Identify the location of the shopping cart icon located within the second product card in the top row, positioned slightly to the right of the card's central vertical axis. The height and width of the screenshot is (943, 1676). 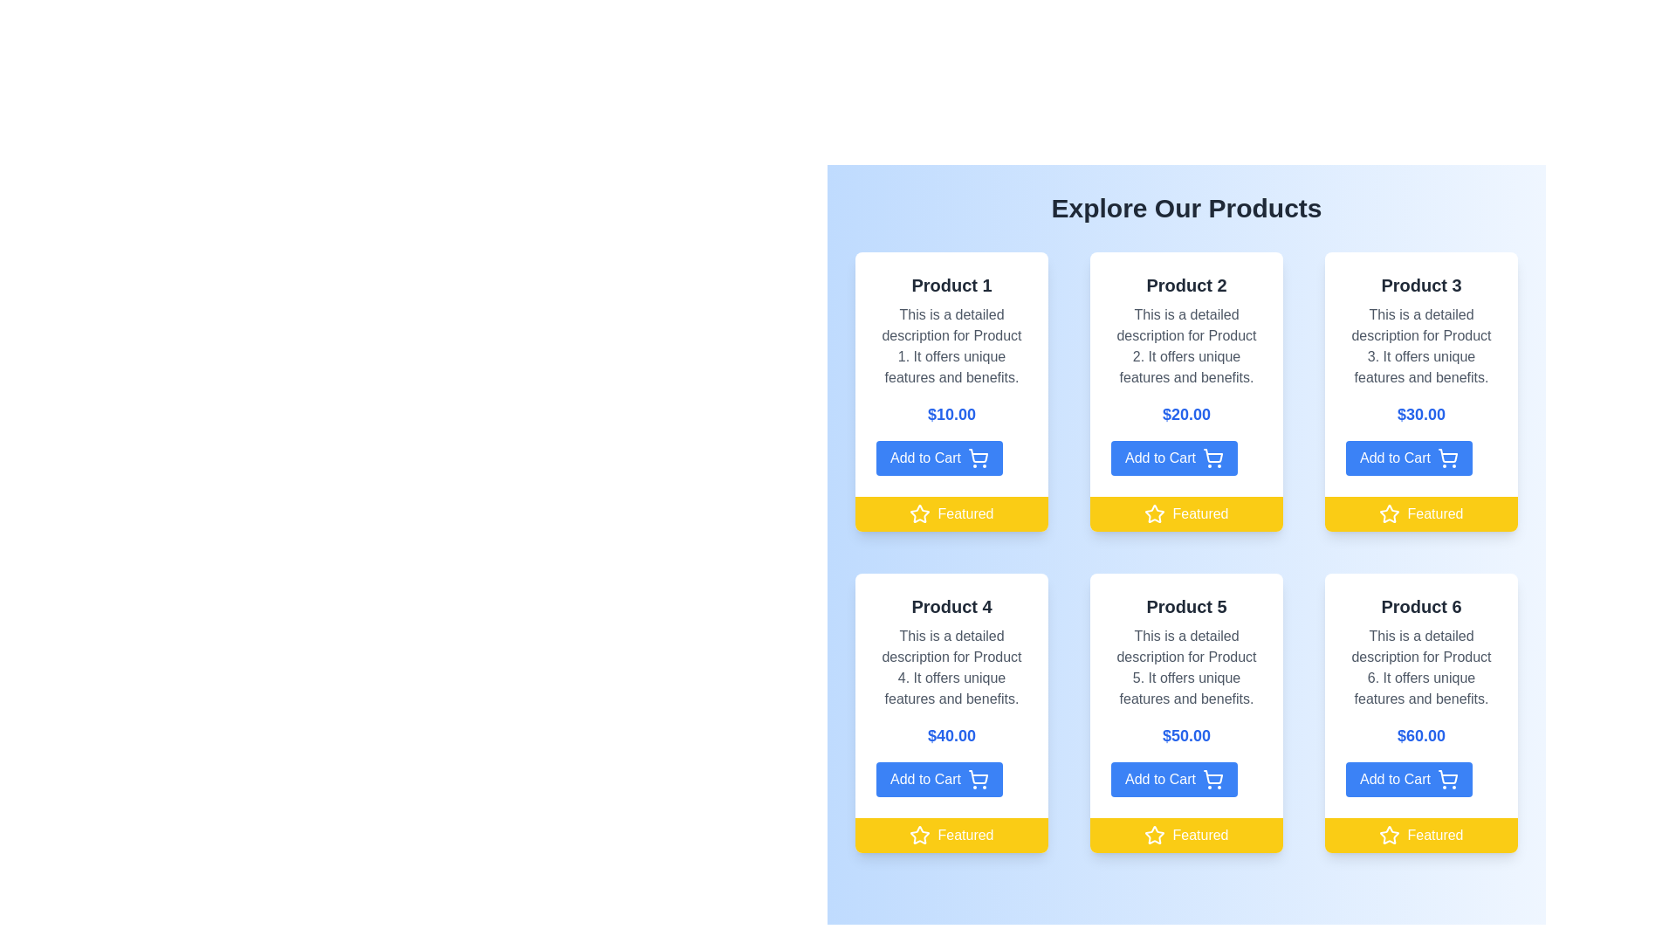
(1212, 455).